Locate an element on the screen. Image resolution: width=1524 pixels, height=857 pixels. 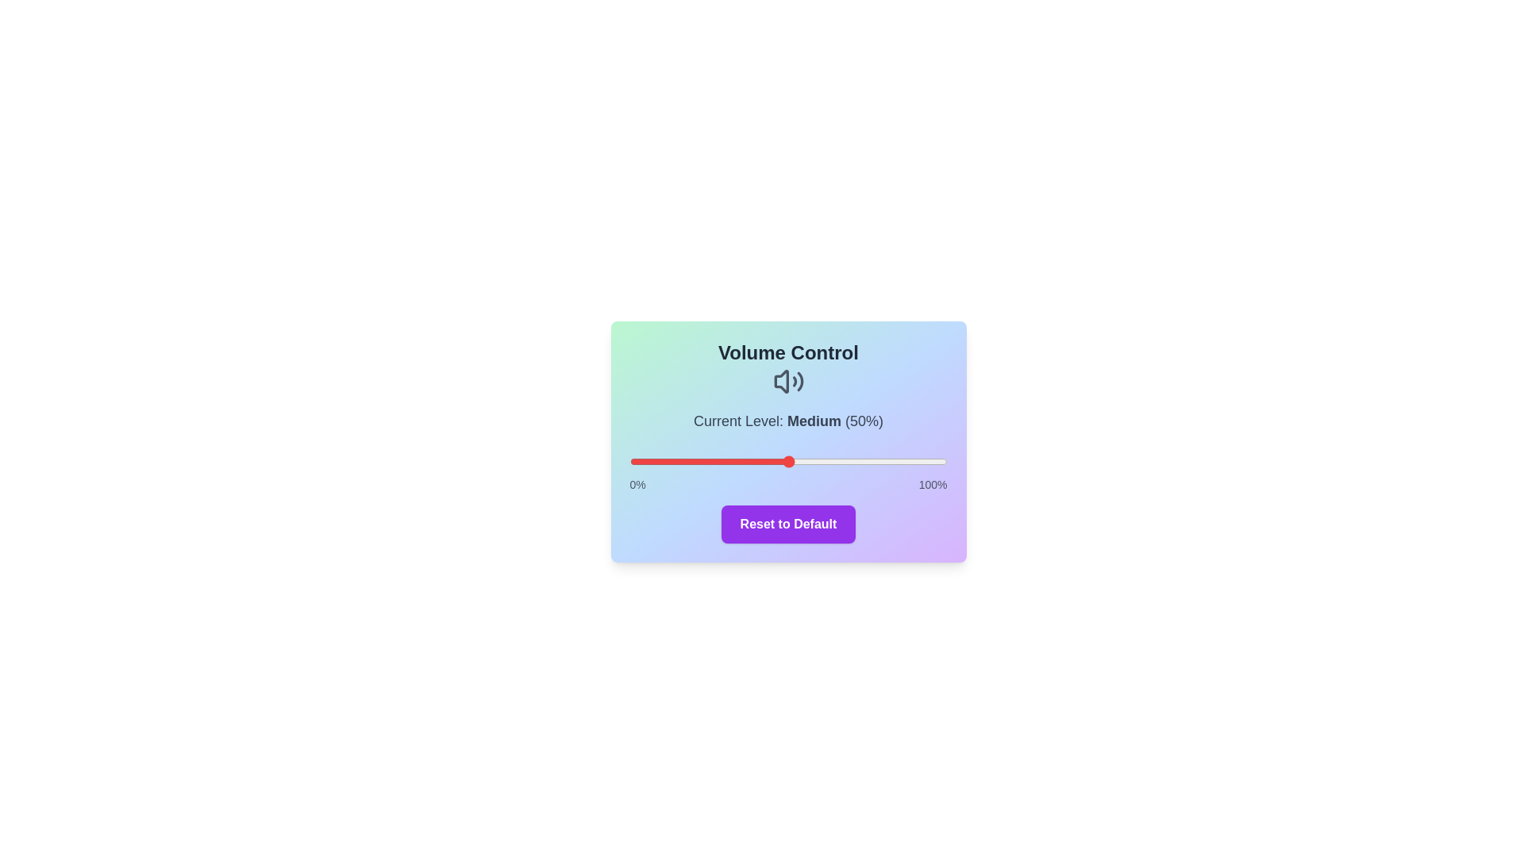
the volume icon in the header is located at coordinates (788, 382).